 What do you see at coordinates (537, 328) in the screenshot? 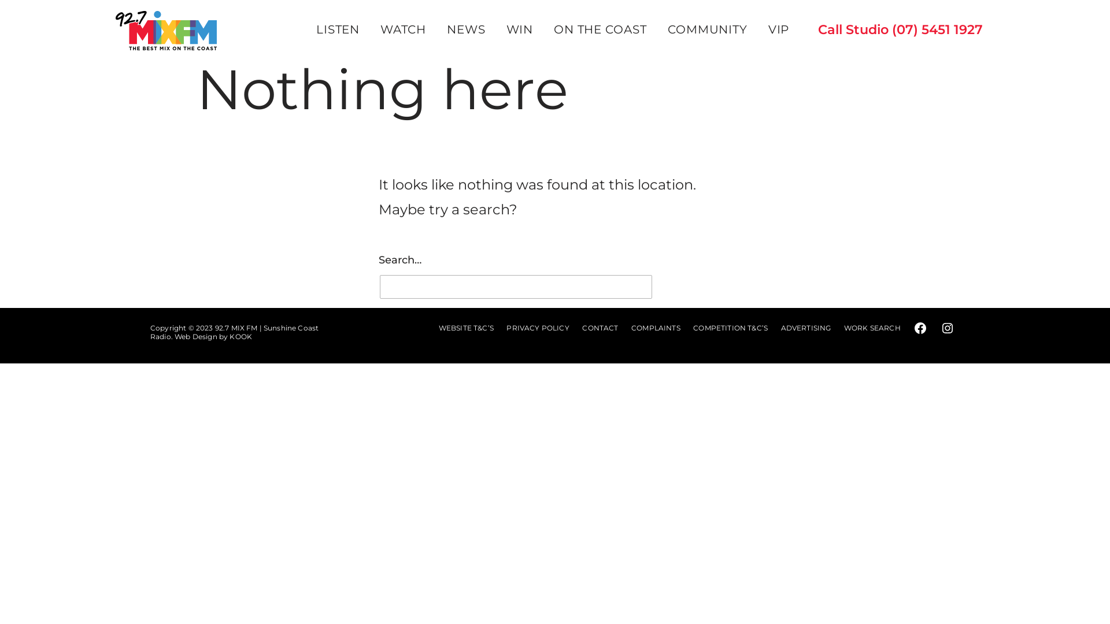
I see `'PRIVACY POLICY'` at bounding box center [537, 328].